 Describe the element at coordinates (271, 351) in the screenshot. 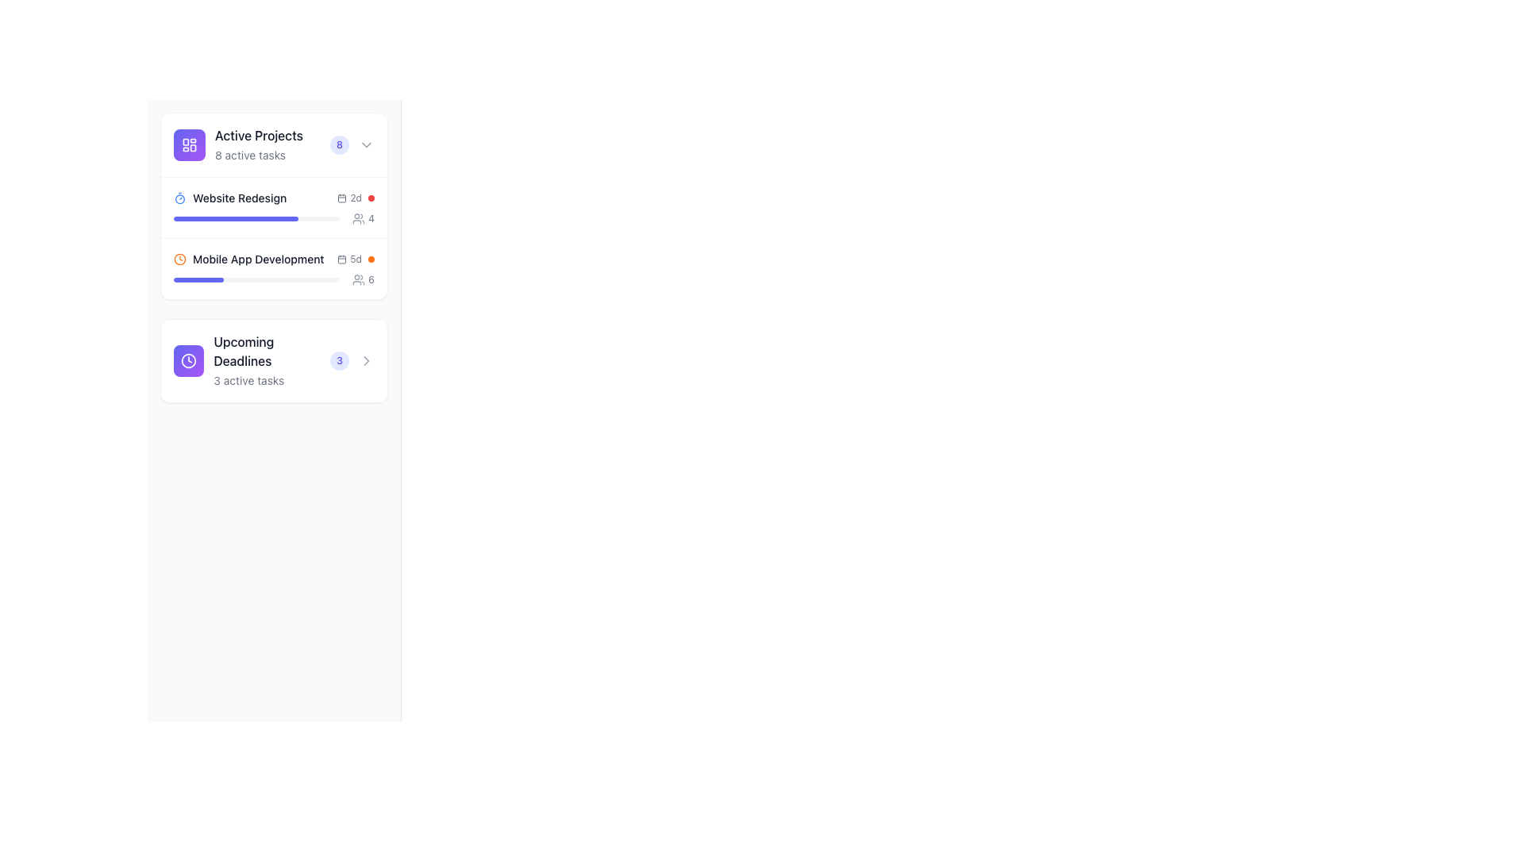

I see `the Text label that serves as the heading for the section summarizing upcoming deadlines in the user's tasks, located above '3 active tasks' in the task list card` at that location.